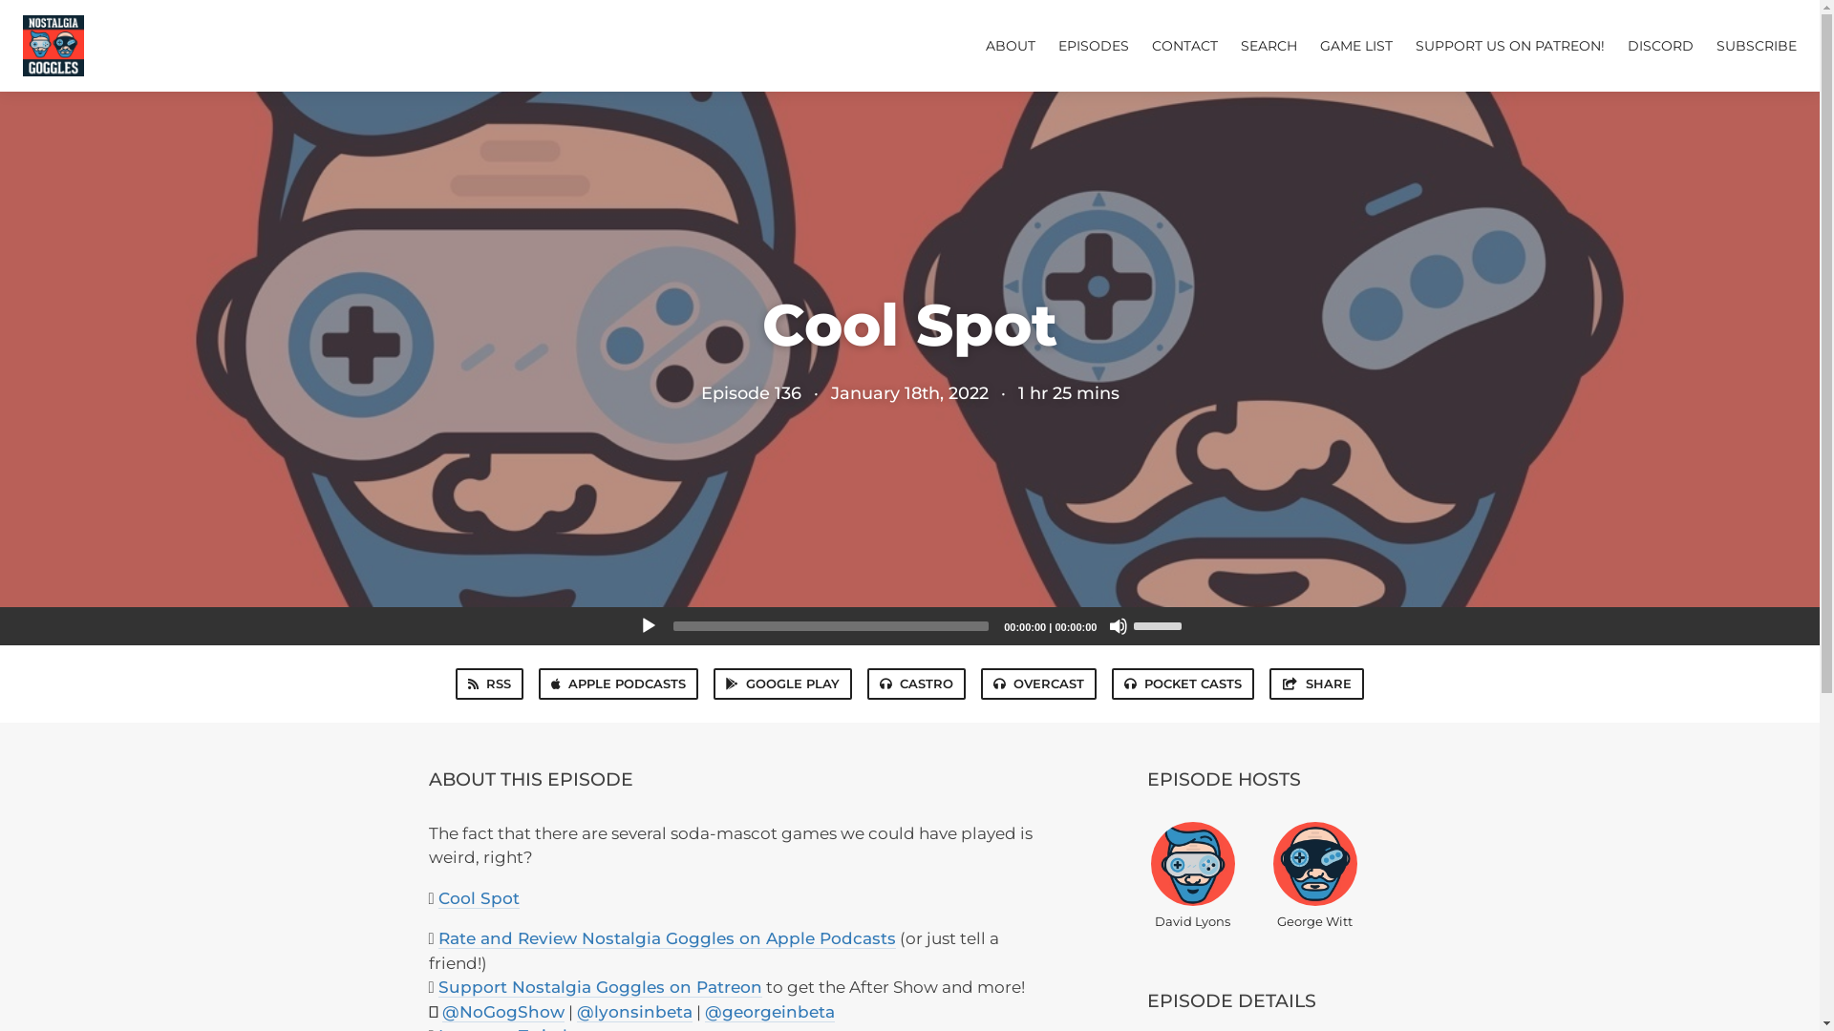 This screenshot has height=1031, width=1834. I want to click on 'SHARE', so click(1314, 683).